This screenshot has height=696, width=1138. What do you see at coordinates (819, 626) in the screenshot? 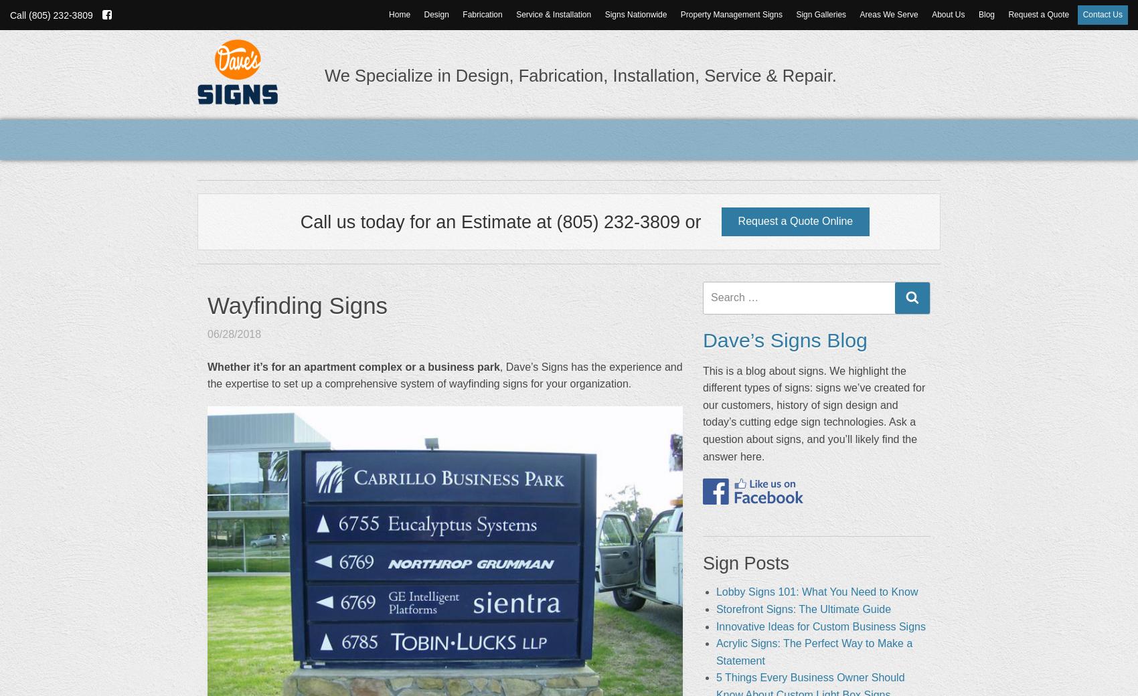
I see `'Innovative Ideas for Custom Business Signs'` at bounding box center [819, 626].